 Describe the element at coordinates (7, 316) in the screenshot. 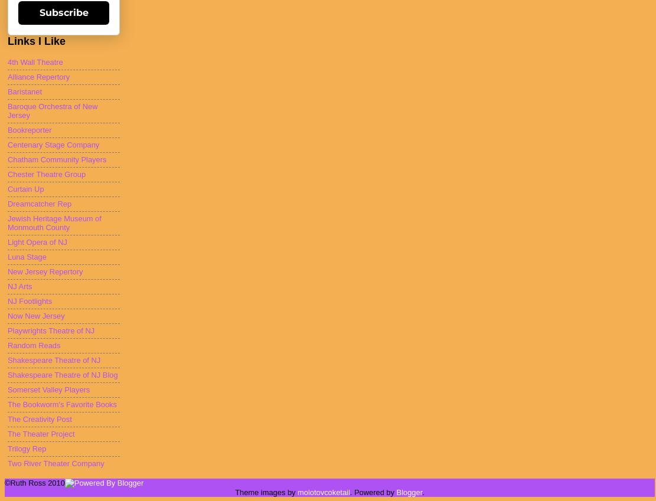

I see `'Now New Jersey'` at that location.